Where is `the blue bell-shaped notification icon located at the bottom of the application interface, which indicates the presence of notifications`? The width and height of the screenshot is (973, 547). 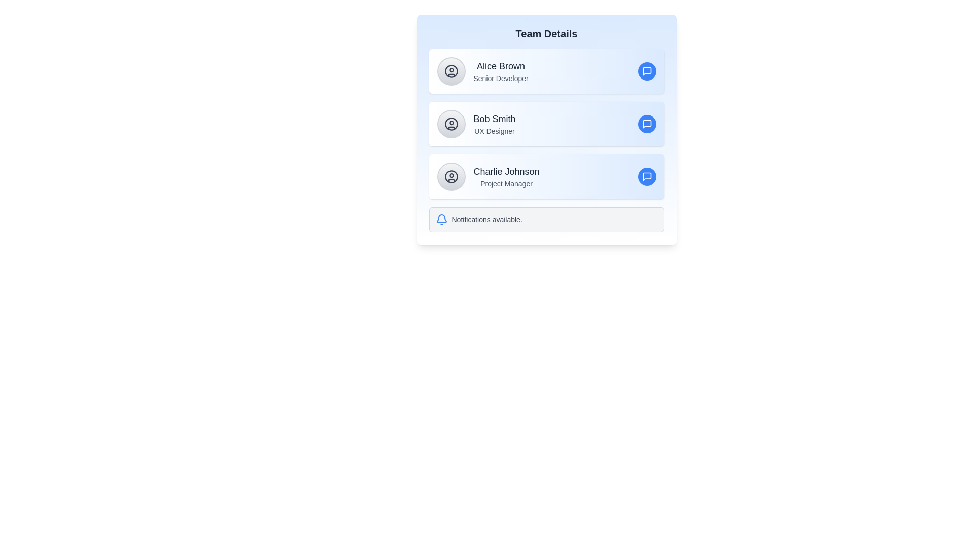
the blue bell-shaped notification icon located at the bottom of the application interface, which indicates the presence of notifications is located at coordinates (441, 219).